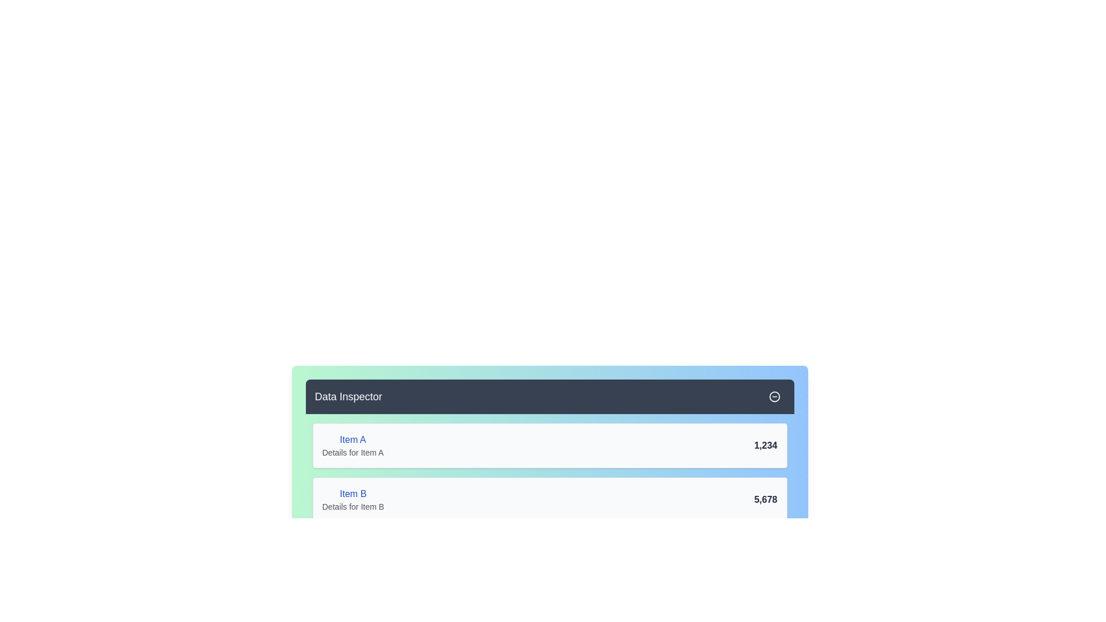 The height and width of the screenshot is (622, 1106). Describe the element at coordinates (353, 499) in the screenshot. I see `the Text Label that describes 'Item B' and provides details for it` at that location.